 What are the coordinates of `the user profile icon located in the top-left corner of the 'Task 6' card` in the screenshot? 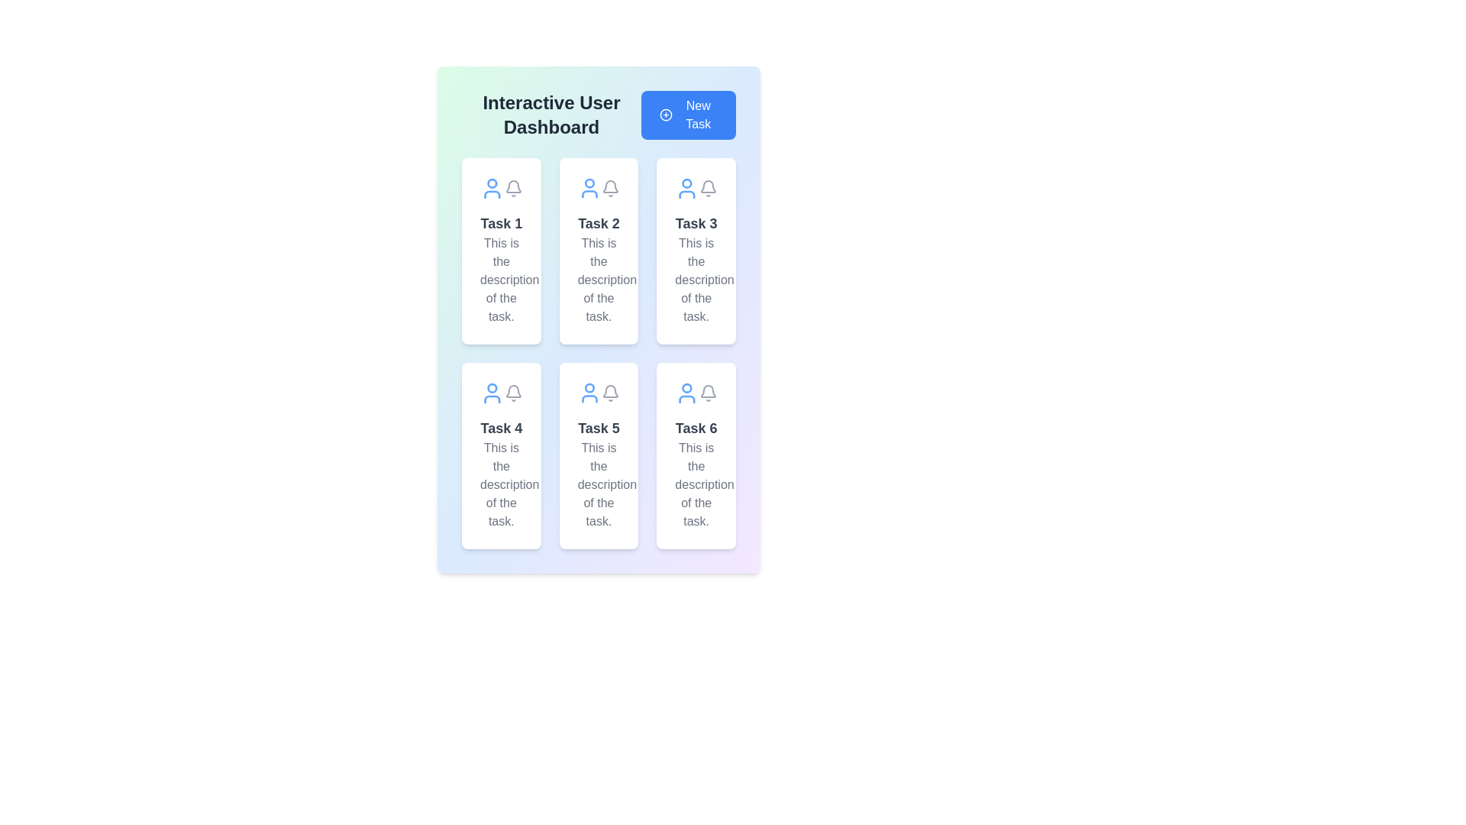 It's located at (686, 393).